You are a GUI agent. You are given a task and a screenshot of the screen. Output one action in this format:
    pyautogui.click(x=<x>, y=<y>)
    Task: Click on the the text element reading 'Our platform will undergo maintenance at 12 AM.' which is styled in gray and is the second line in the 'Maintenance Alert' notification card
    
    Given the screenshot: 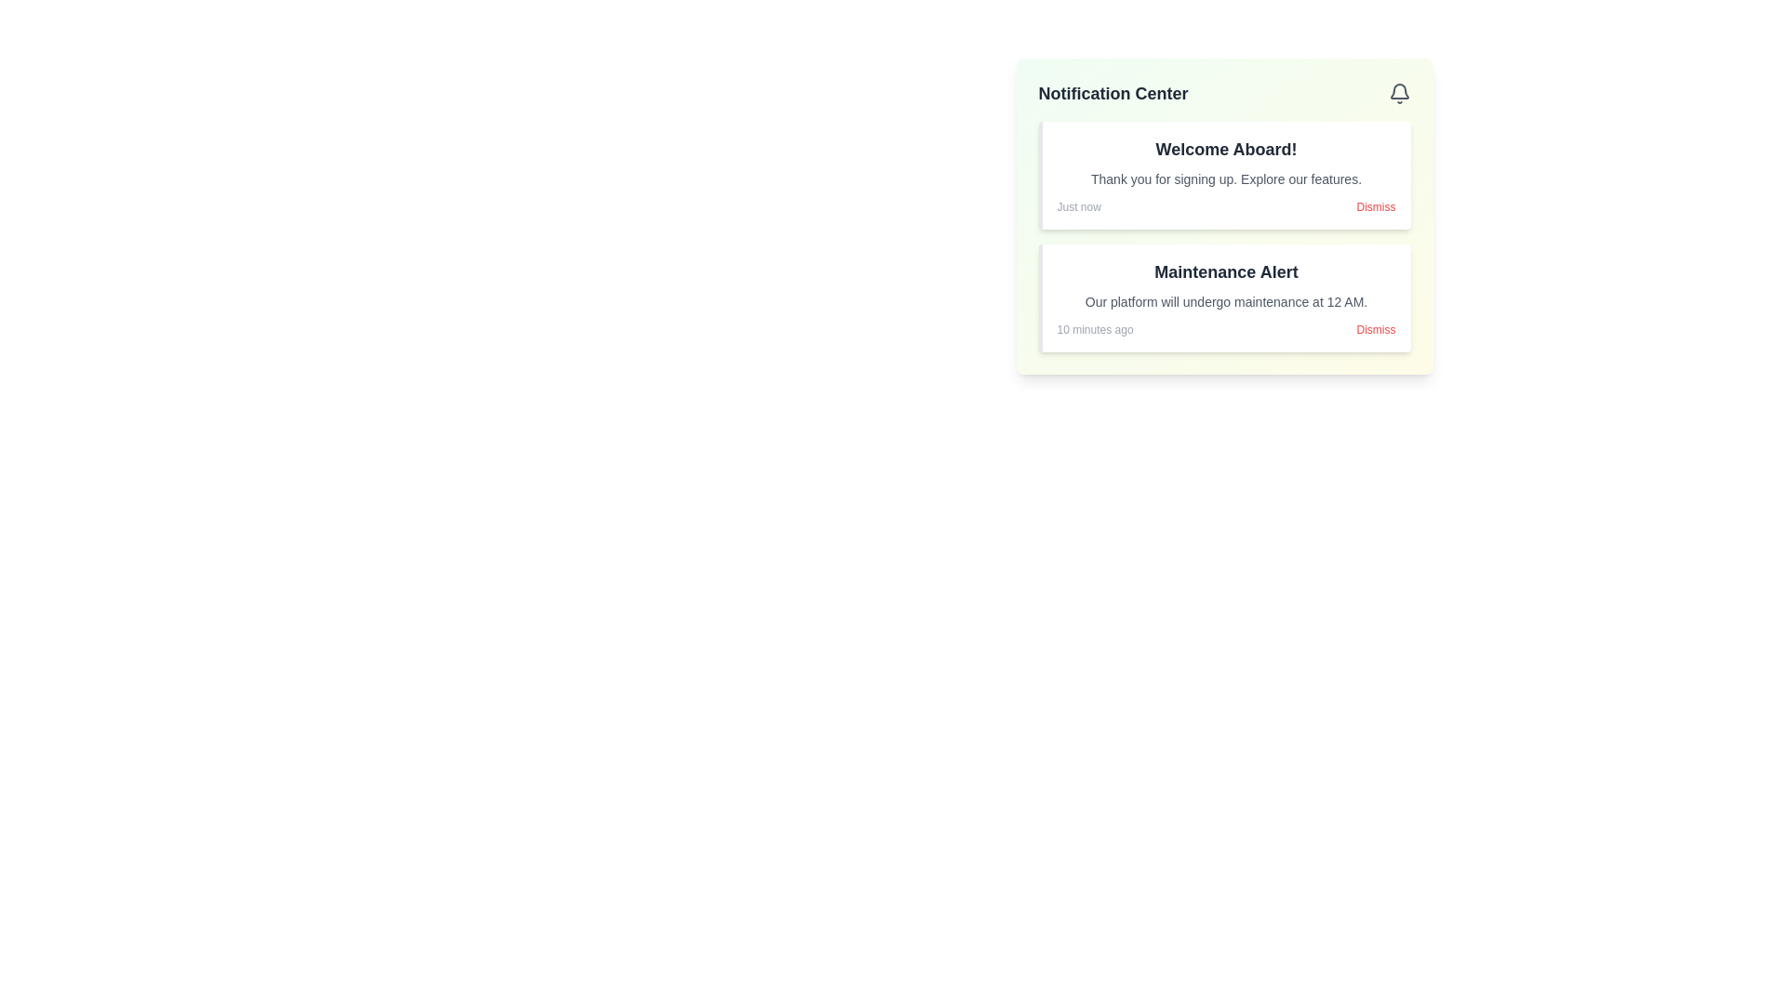 What is the action you would take?
    pyautogui.click(x=1226, y=300)
    